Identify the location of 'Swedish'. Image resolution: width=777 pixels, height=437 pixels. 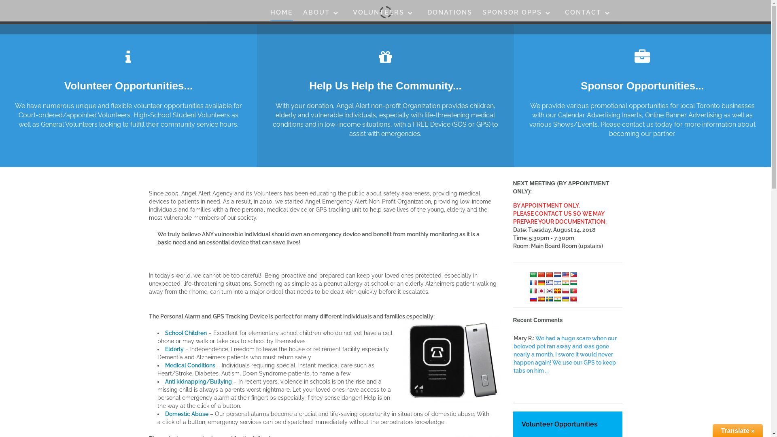
(549, 298).